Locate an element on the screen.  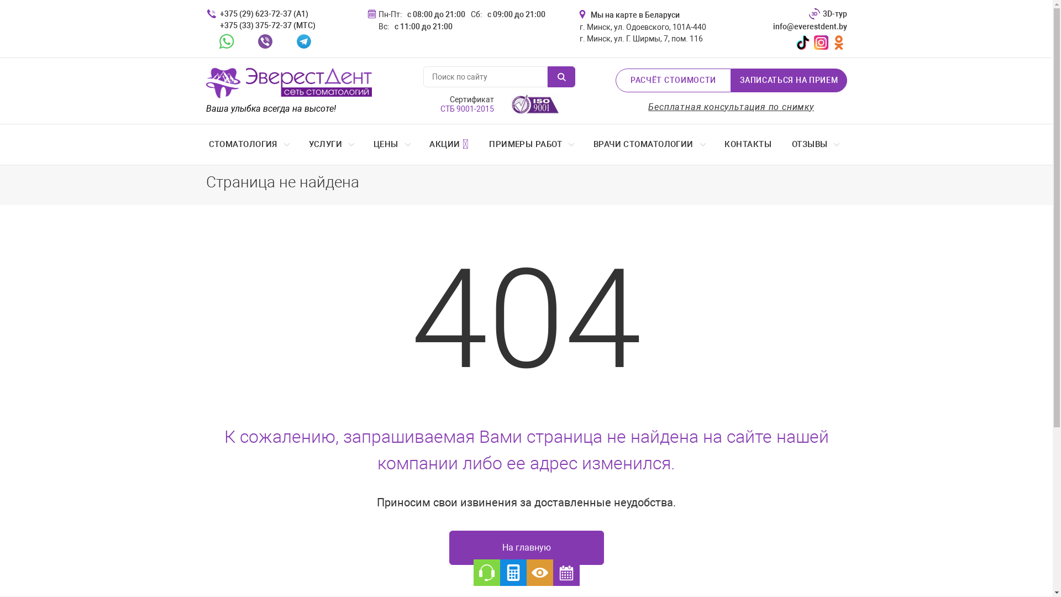
'Whatsapp' is located at coordinates (225, 40).